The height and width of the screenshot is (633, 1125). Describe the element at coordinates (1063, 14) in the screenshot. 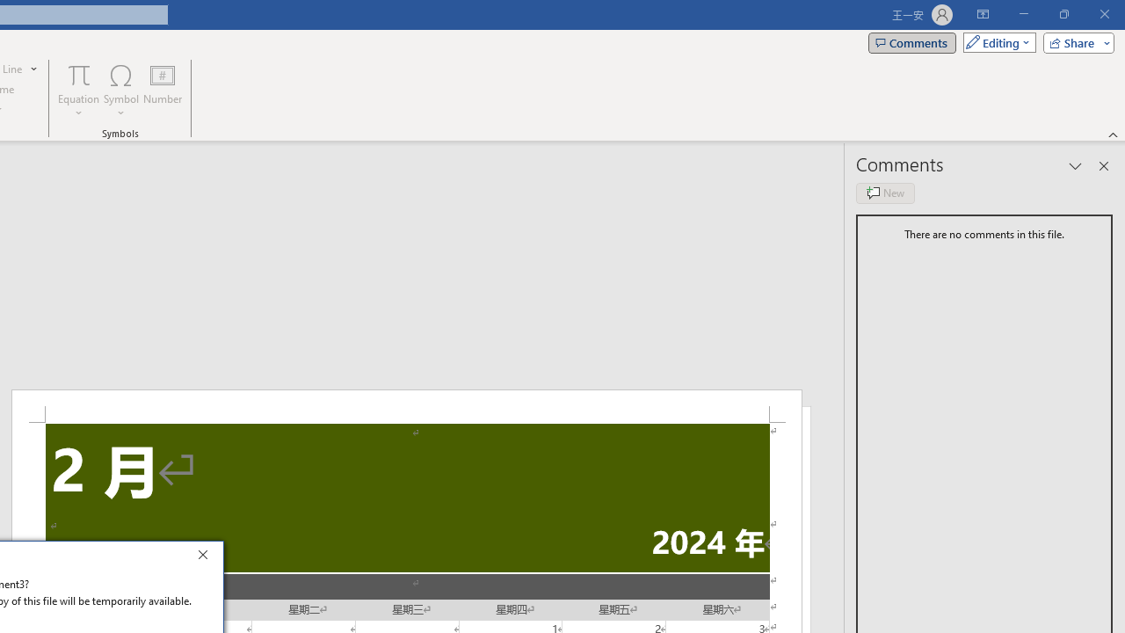

I see `'Restore Down'` at that location.